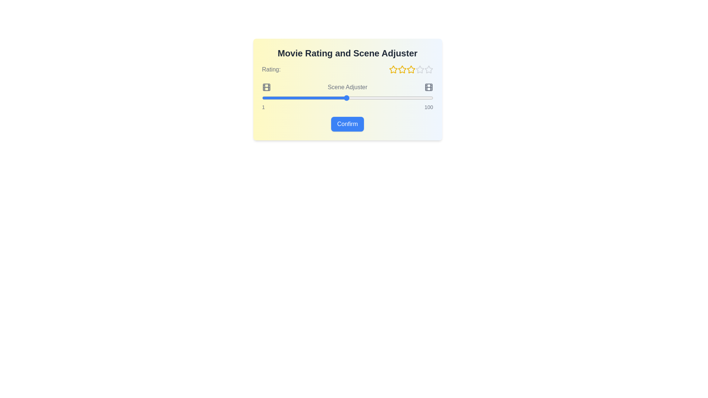 Image resolution: width=708 pixels, height=398 pixels. What do you see at coordinates (393, 70) in the screenshot?
I see `the star corresponding to the desired rating of 1 stars` at bounding box center [393, 70].